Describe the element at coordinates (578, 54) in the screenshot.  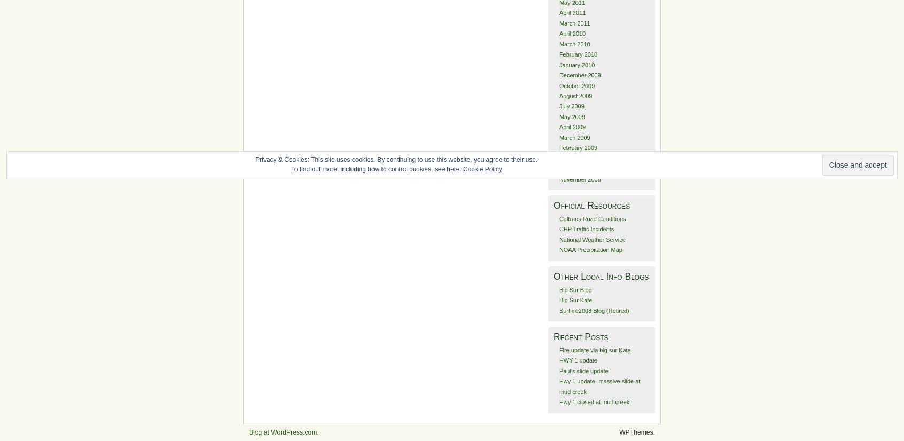
I see `'February 2010'` at that location.